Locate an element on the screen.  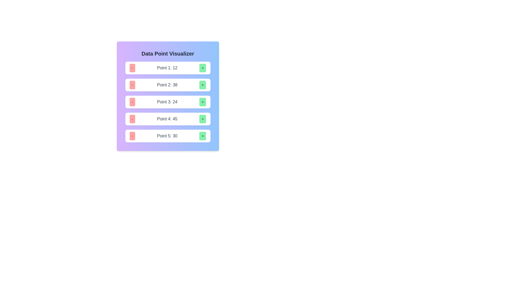
the label displaying 'Point 1: 12' which is styled with a gray font color and medium weight, located in the first row of a data visualization table is located at coordinates (167, 67).